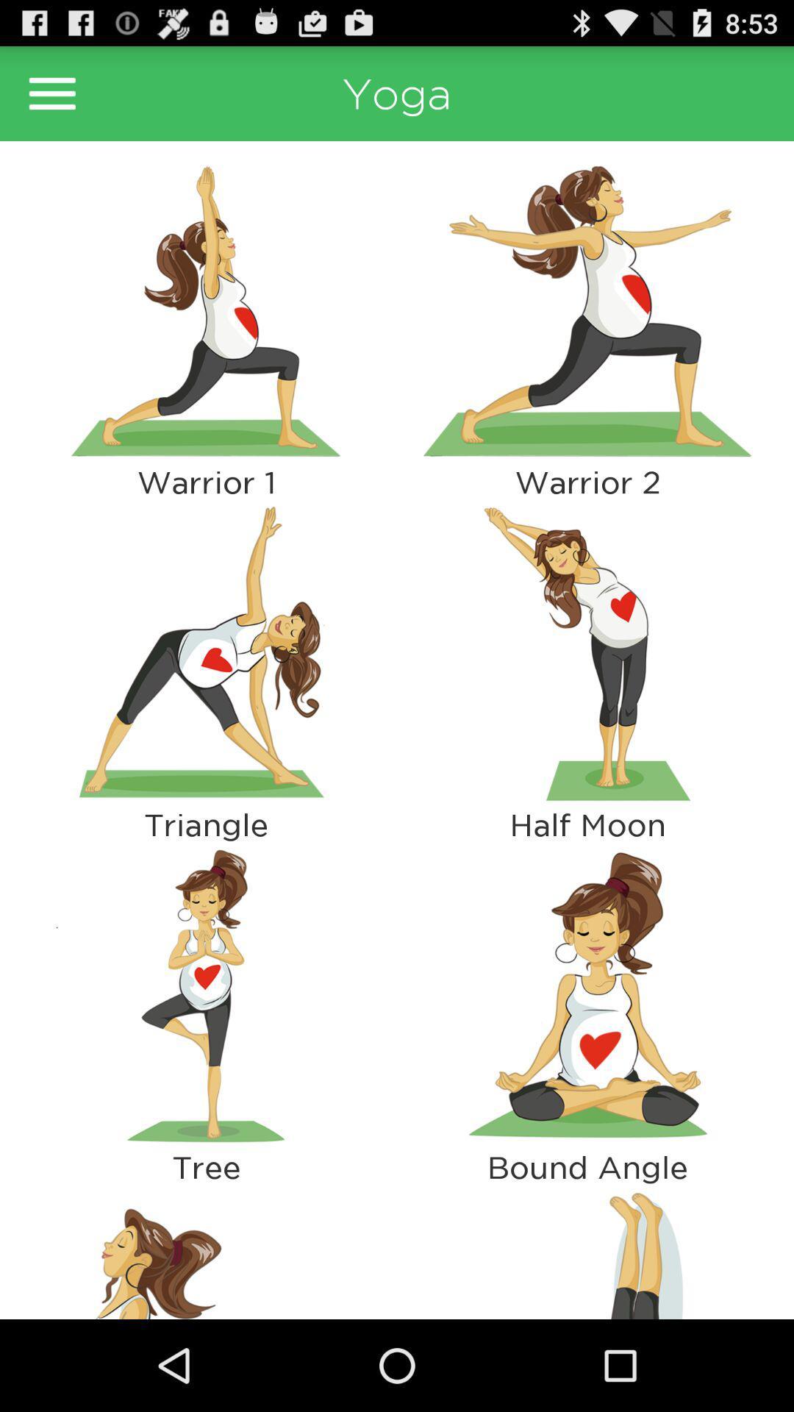  What do you see at coordinates (587, 652) in the screenshot?
I see `highlight` at bounding box center [587, 652].